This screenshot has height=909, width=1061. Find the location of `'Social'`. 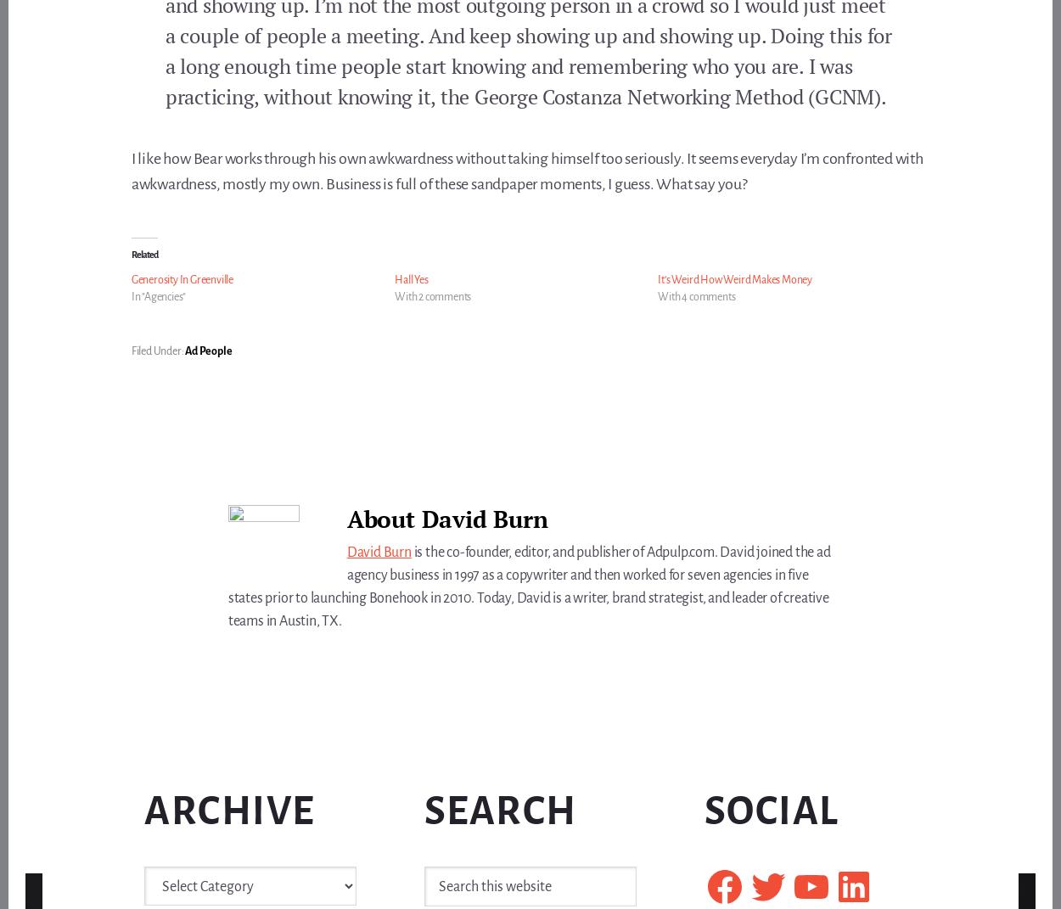

'Social' is located at coordinates (771, 810).